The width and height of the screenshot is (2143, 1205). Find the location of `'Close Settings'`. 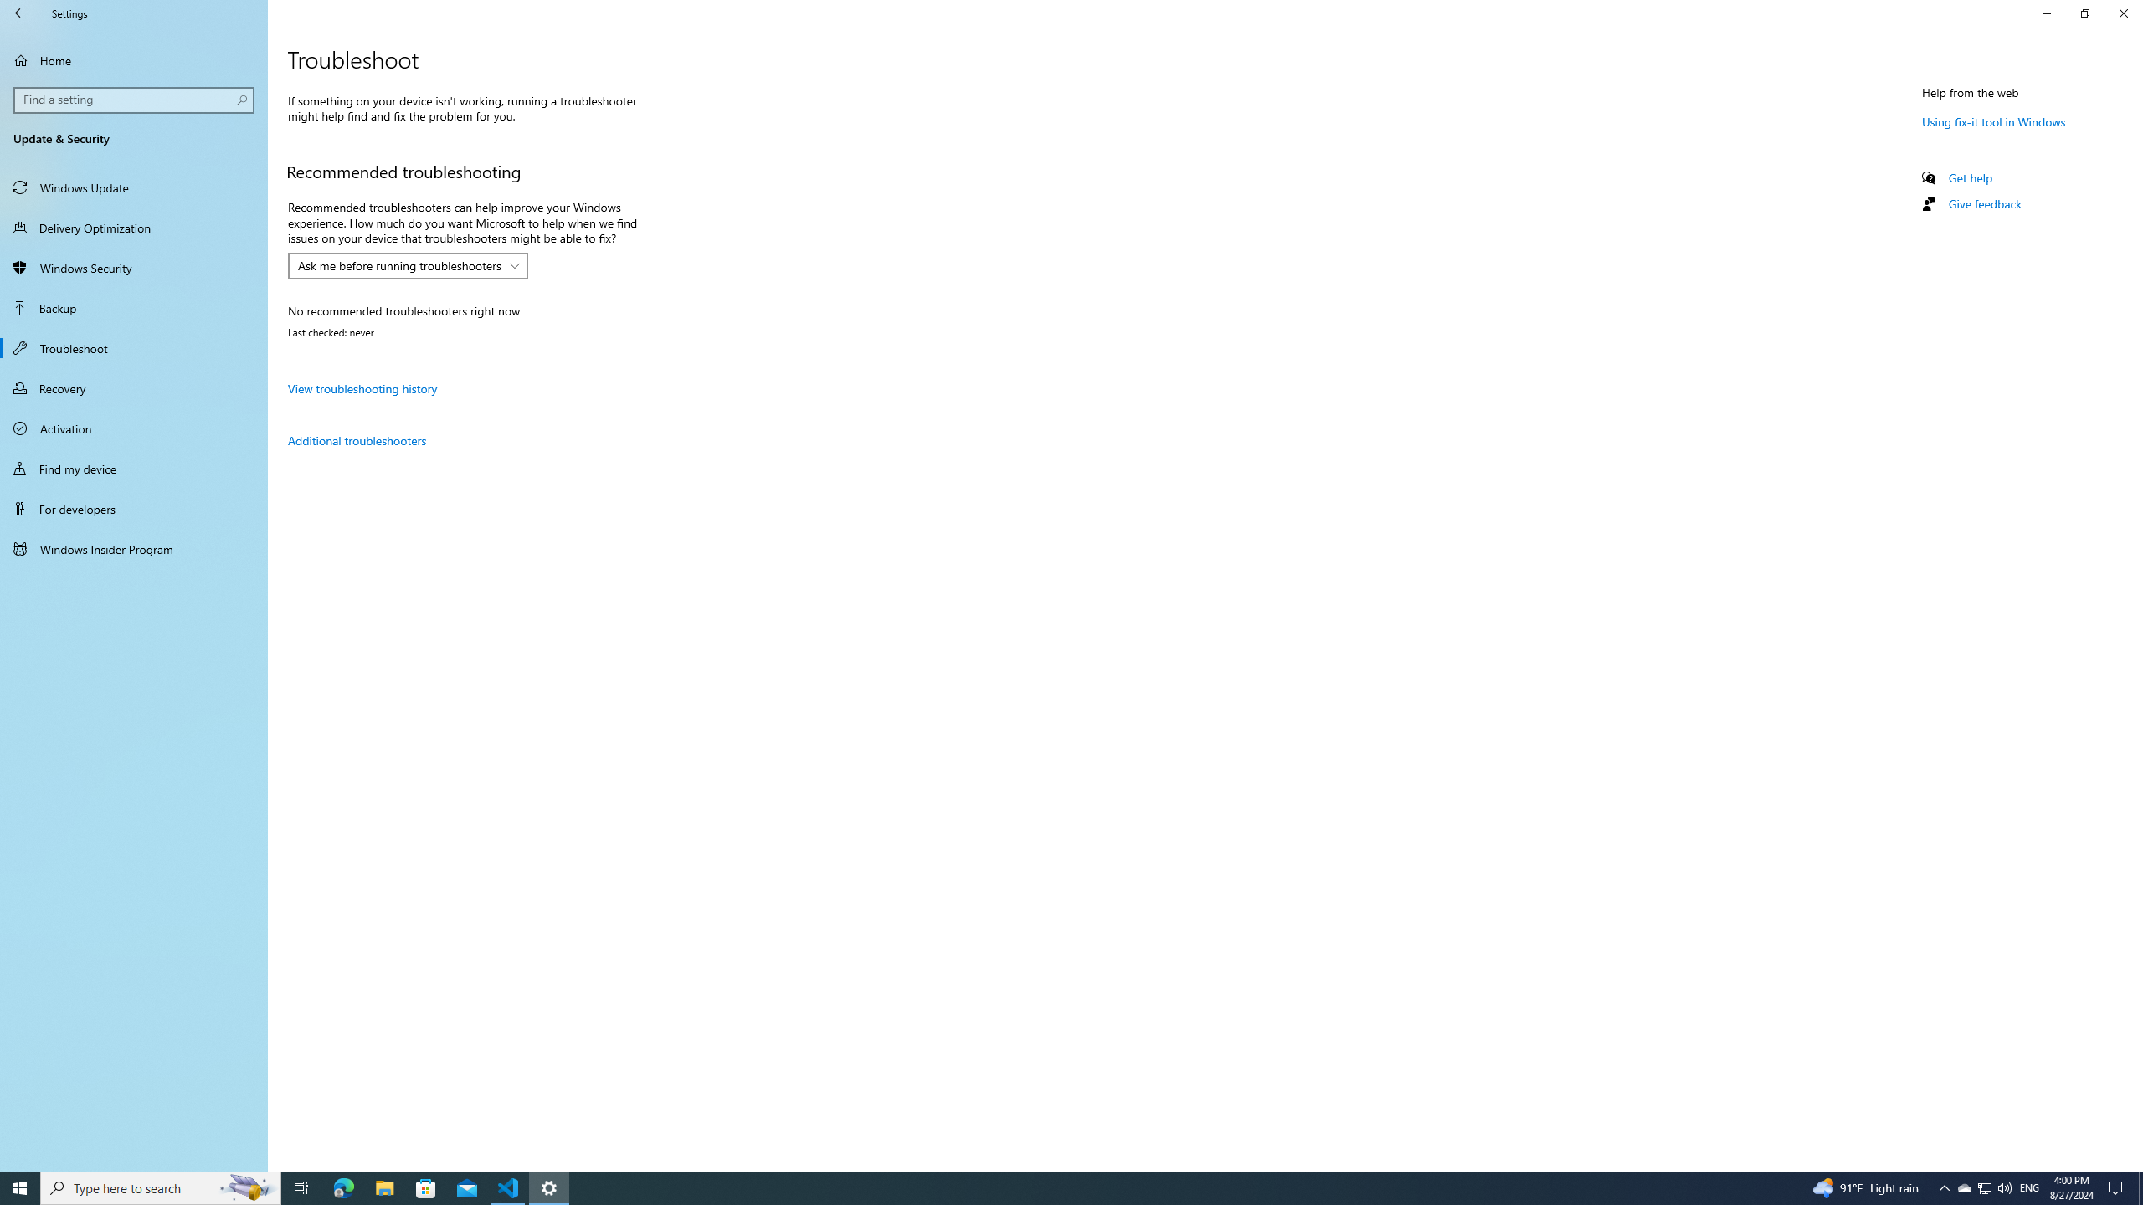

'Close Settings' is located at coordinates (2122, 13).